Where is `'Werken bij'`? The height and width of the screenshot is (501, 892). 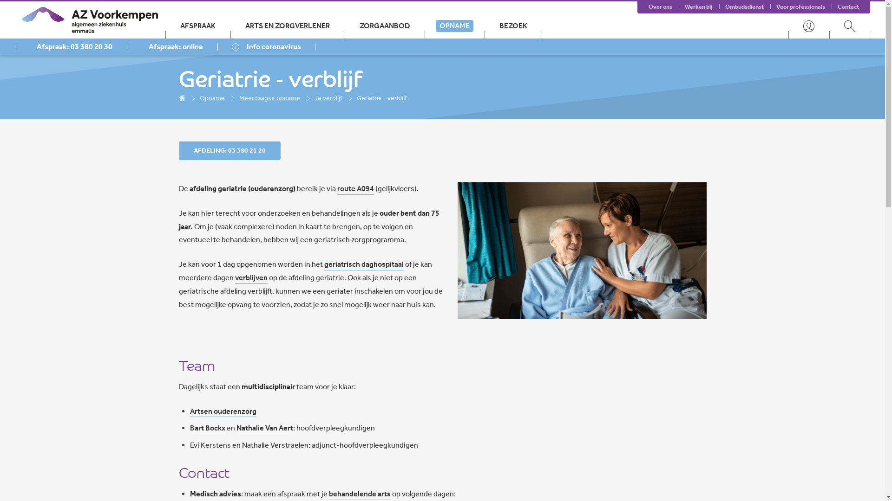 'Werken bij' is located at coordinates (684, 6).